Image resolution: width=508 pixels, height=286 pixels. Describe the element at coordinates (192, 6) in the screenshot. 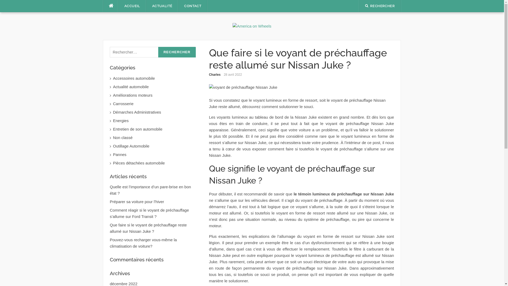

I see `'CONTACT'` at that location.